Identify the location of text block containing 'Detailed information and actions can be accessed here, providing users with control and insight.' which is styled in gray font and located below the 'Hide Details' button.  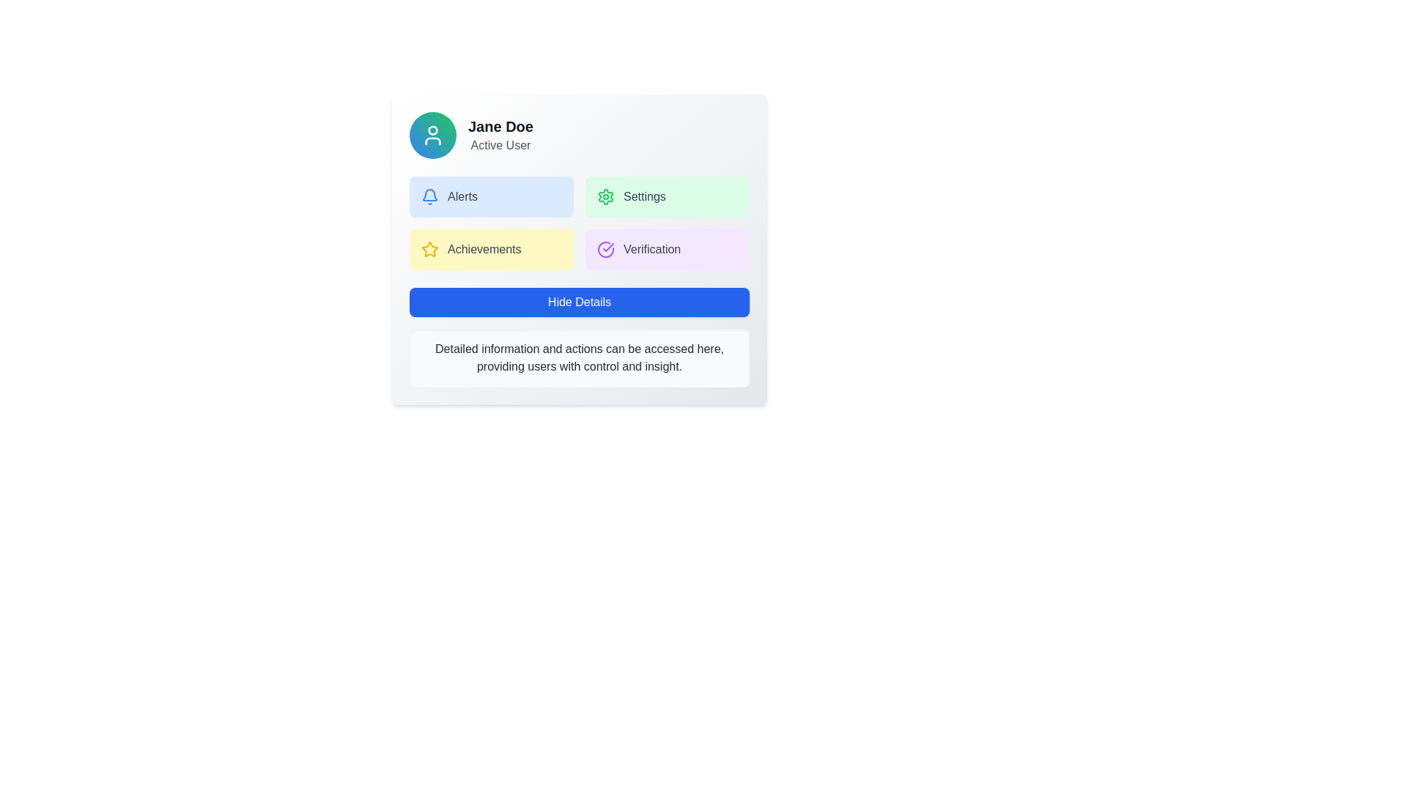
(579, 358).